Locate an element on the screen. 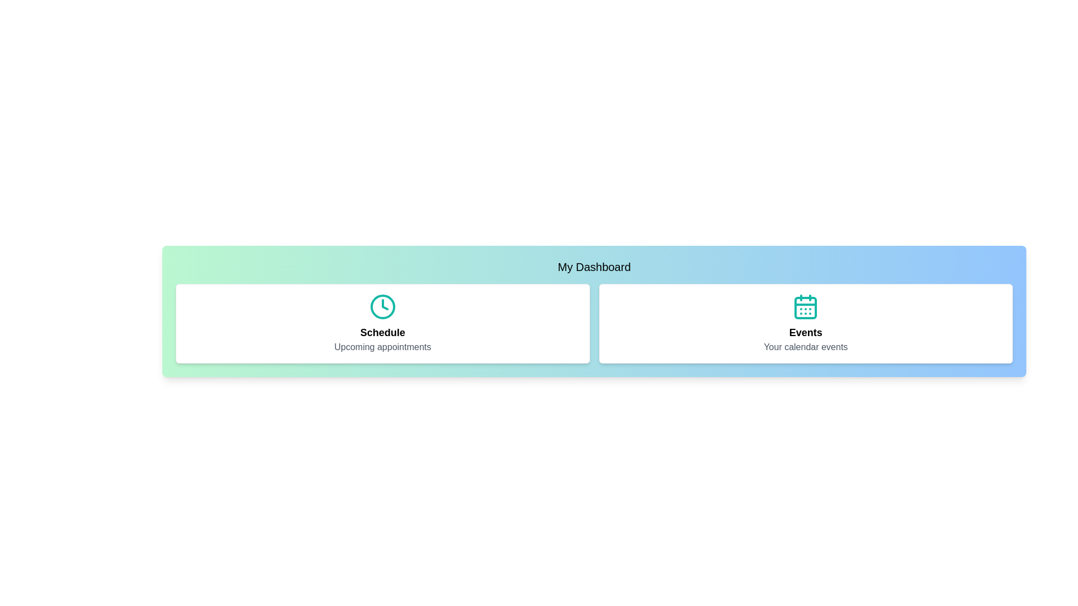 This screenshot has width=1078, height=606. the middle cell in the second row of the calendar grid within the calendar icon on the 'Events' card is located at coordinates (805, 307).